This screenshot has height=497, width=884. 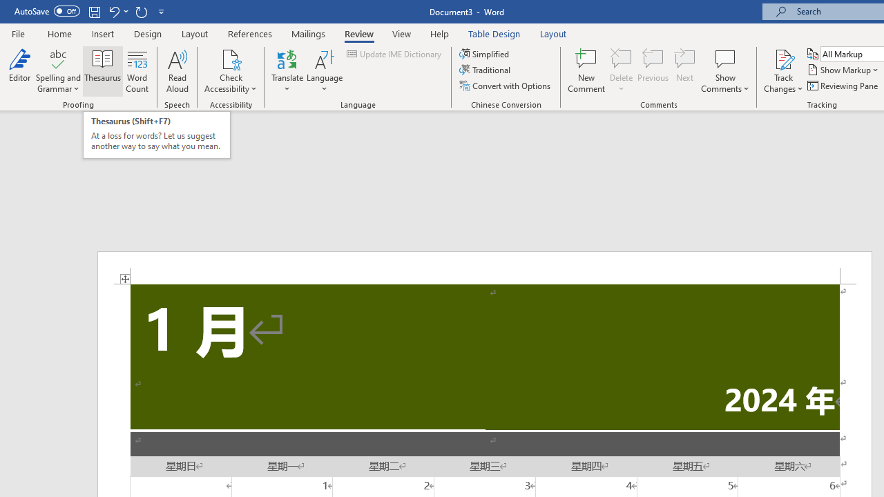 What do you see at coordinates (621, 58) in the screenshot?
I see `'Delete'` at bounding box center [621, 58].